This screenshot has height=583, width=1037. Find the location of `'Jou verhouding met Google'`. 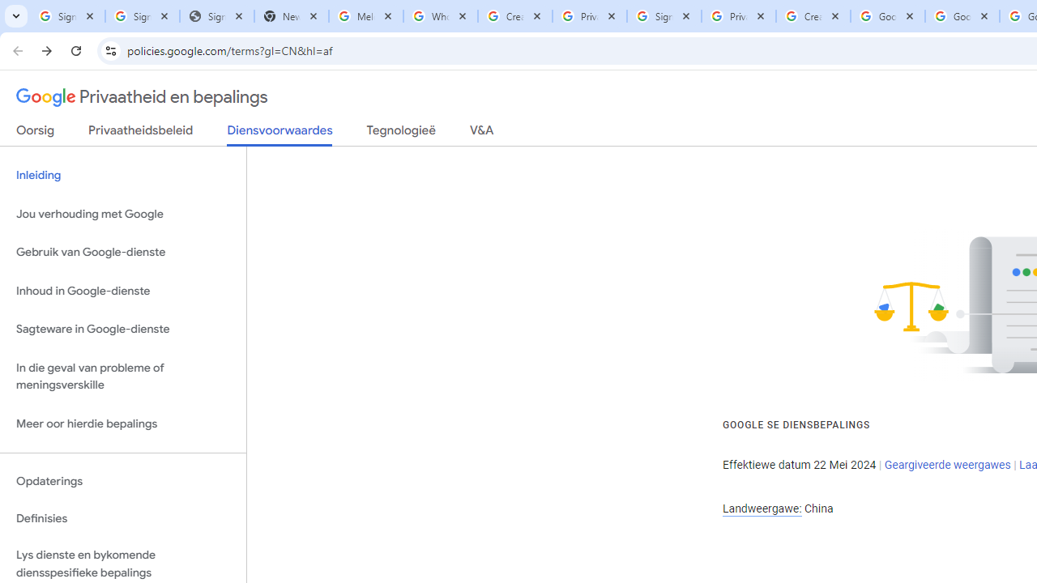

'Jou verhouding met Google' is located at coordinates (122, 213).